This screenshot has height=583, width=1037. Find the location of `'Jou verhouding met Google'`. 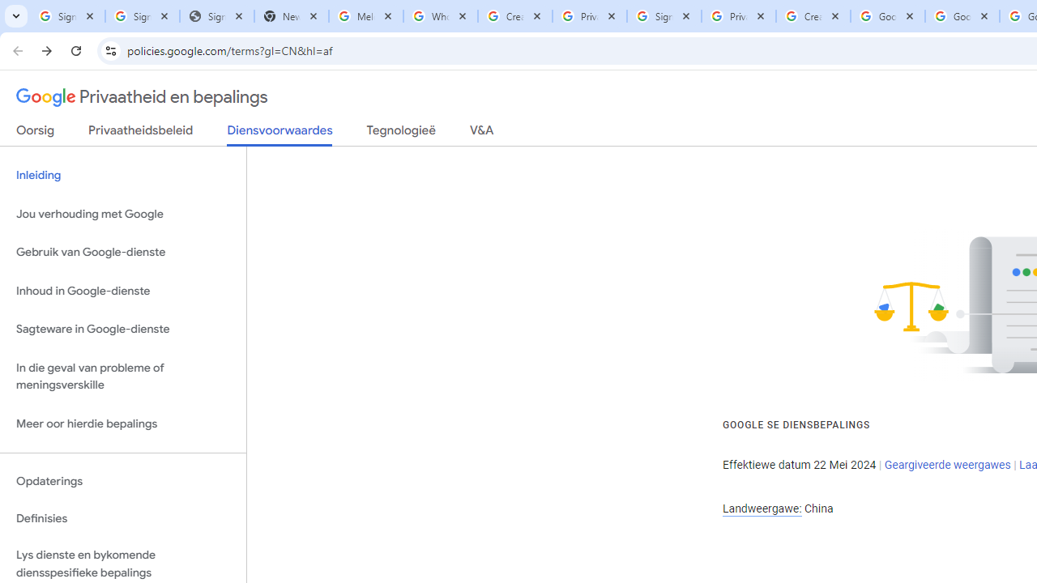

'Jou verhouding met Google' is located at coordinates (122, 213).